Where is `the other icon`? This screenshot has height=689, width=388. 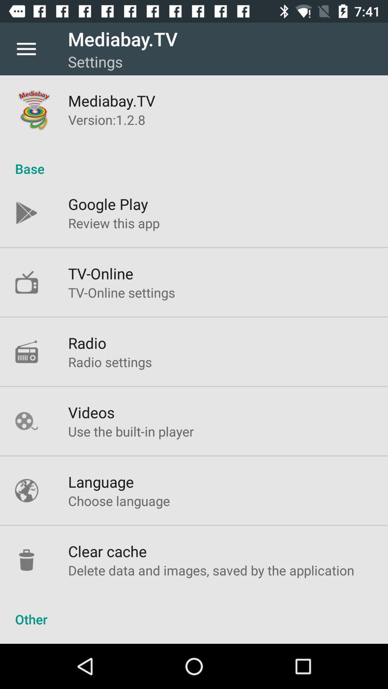
the other icon is located at coordinates (194, 611).